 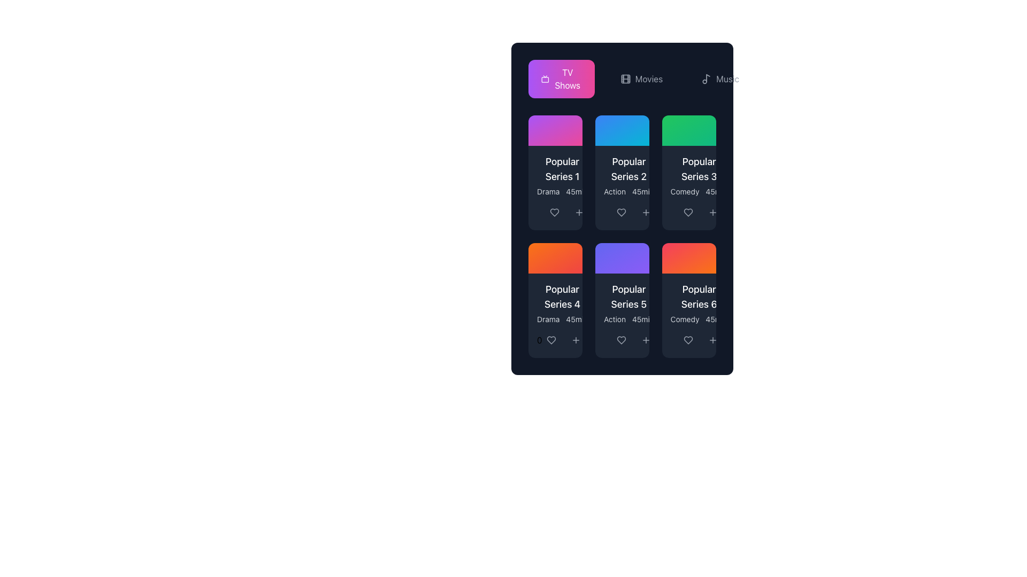 What do you see at coordinates (685, 191) in the screenshot?
I see `text label indicating the genre of the content located under 'Popular Series 3' and aligned to the left of '45min'` at bounding box center [685, 191].